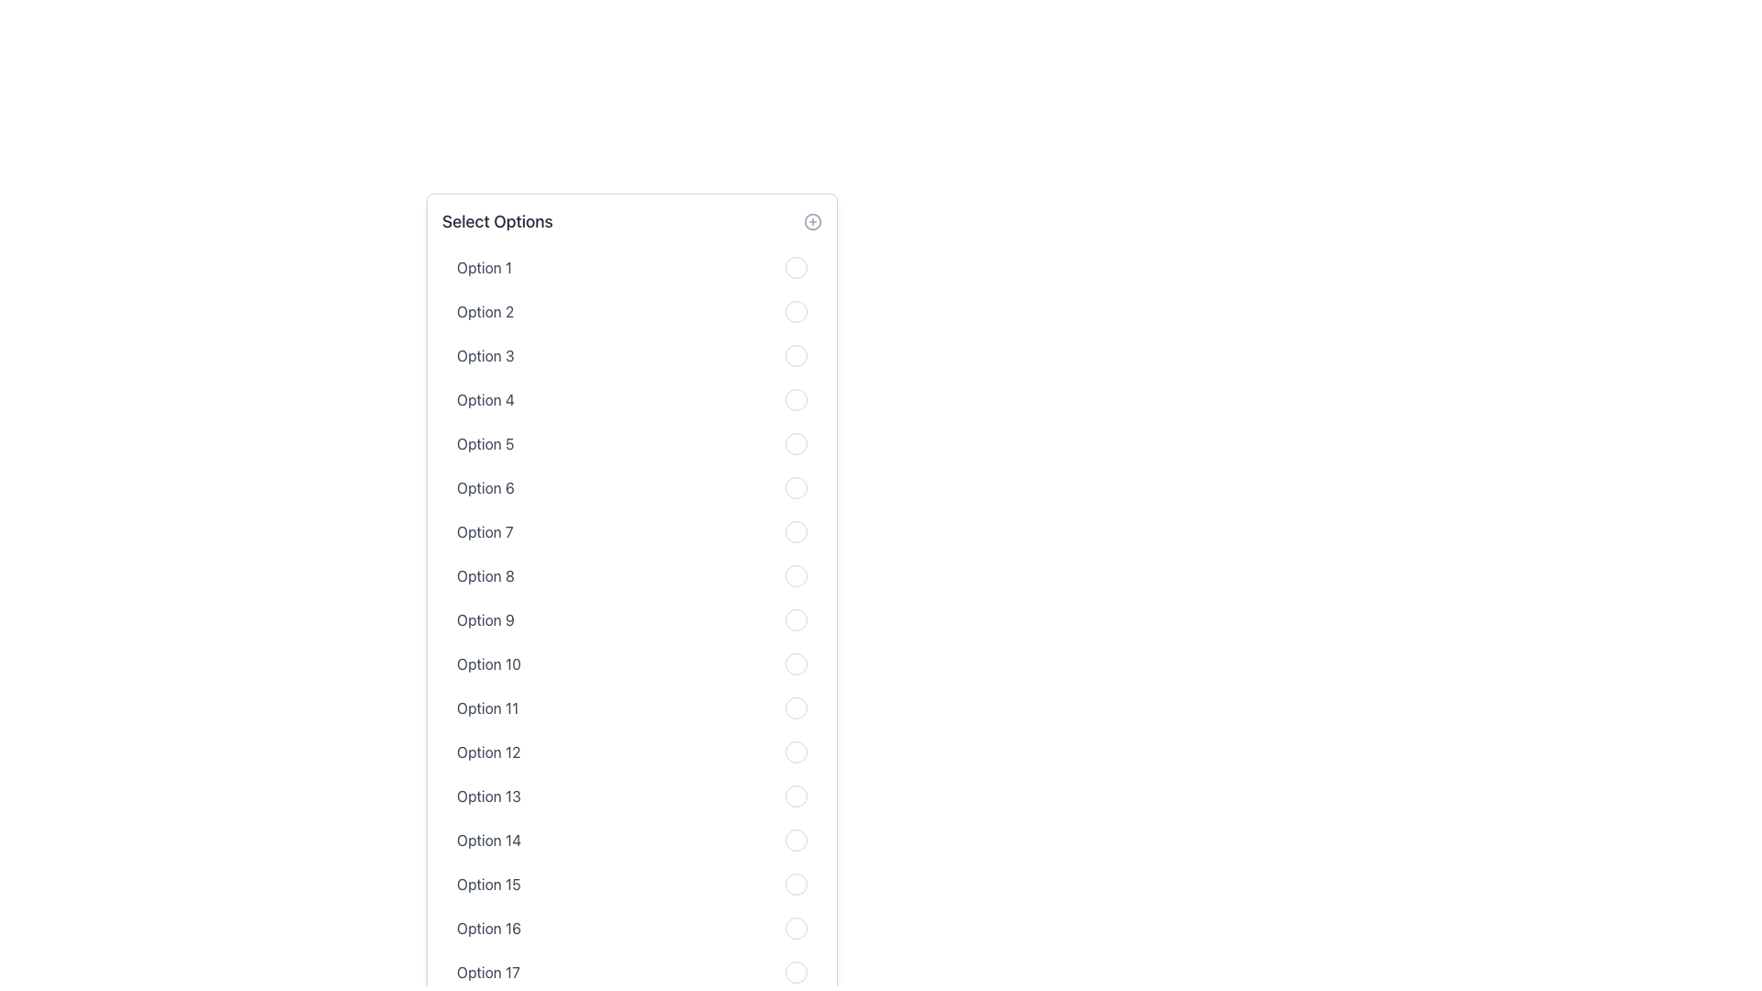 This screenshot has width=1762, height=991. What do you see at coordinates (632, 575) in the screenshot?
I see `the unselected radio button for 'Option 8'` at bounding box center [632, 575].